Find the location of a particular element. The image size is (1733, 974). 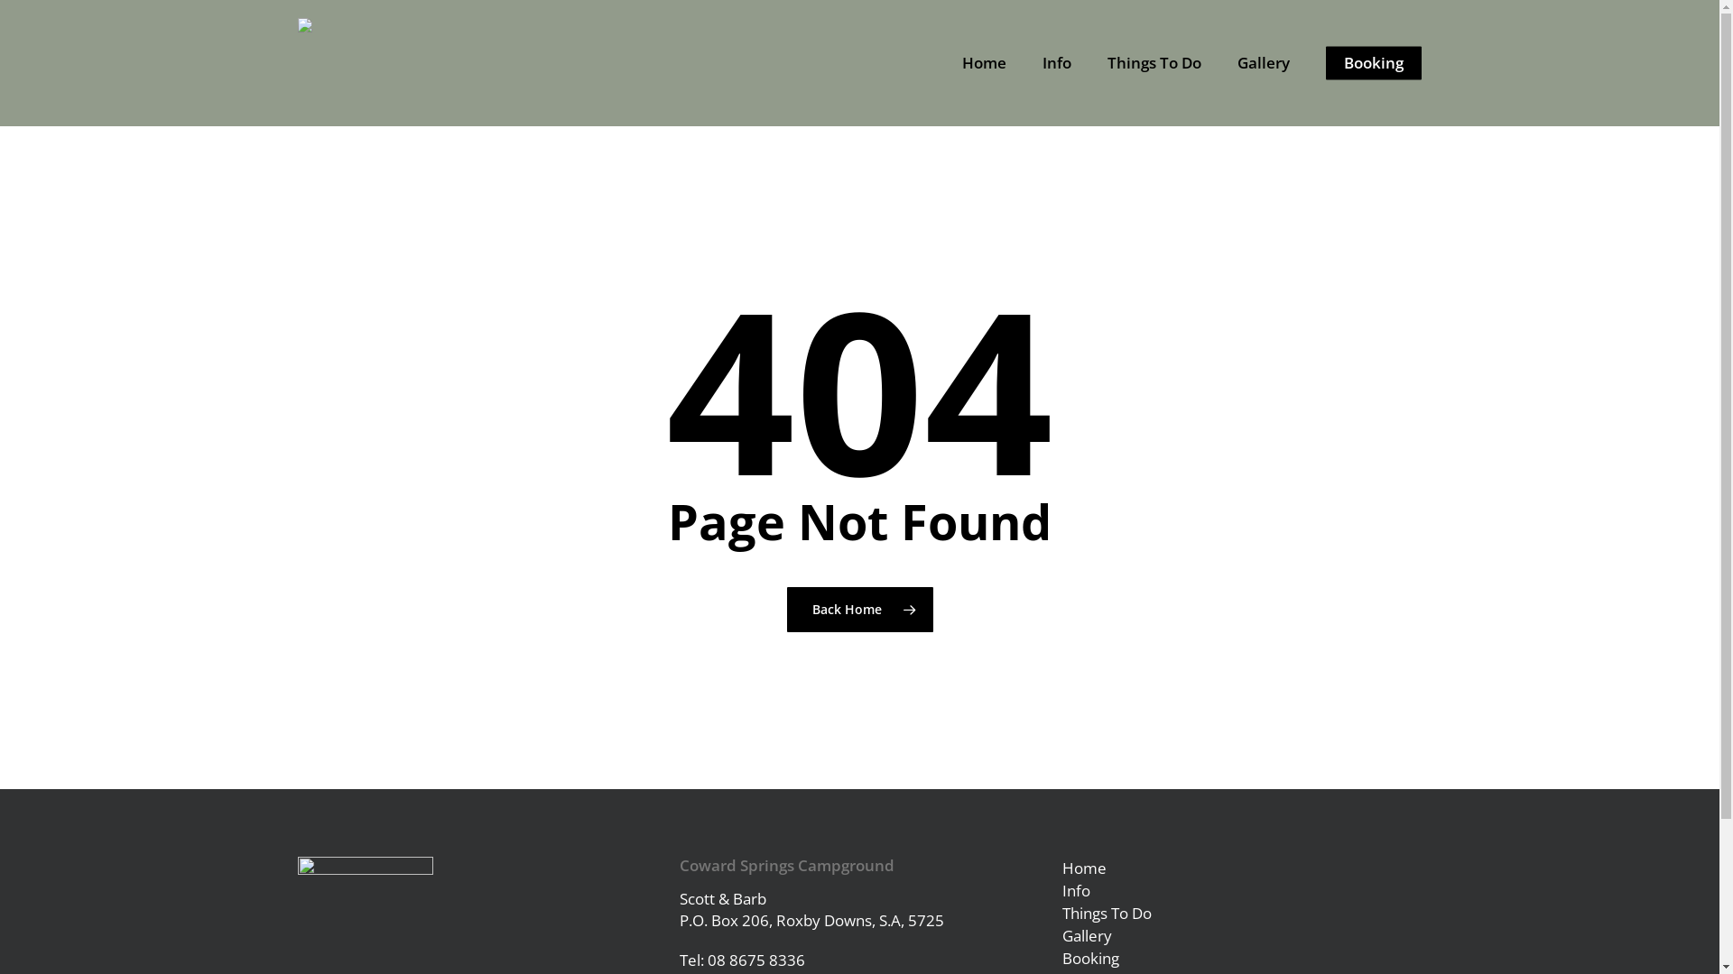

'Home' is located at coordinates (983, 61).